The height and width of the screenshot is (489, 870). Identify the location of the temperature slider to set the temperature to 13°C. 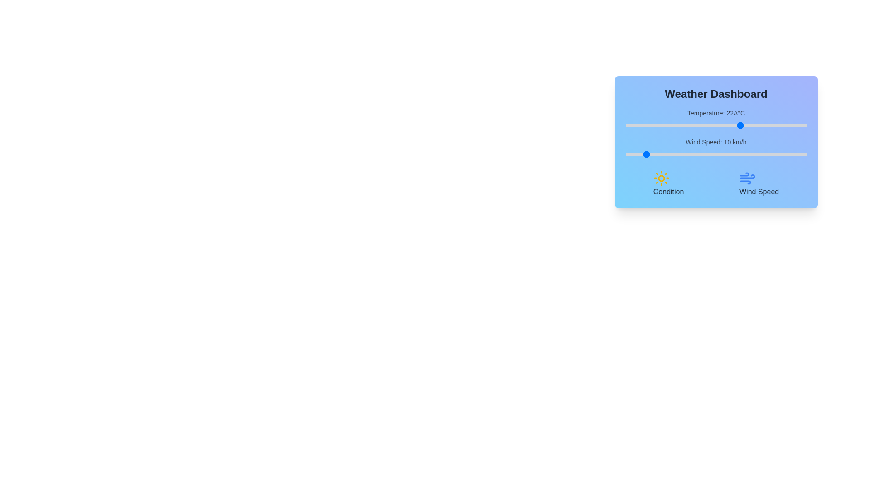
(708, 125).